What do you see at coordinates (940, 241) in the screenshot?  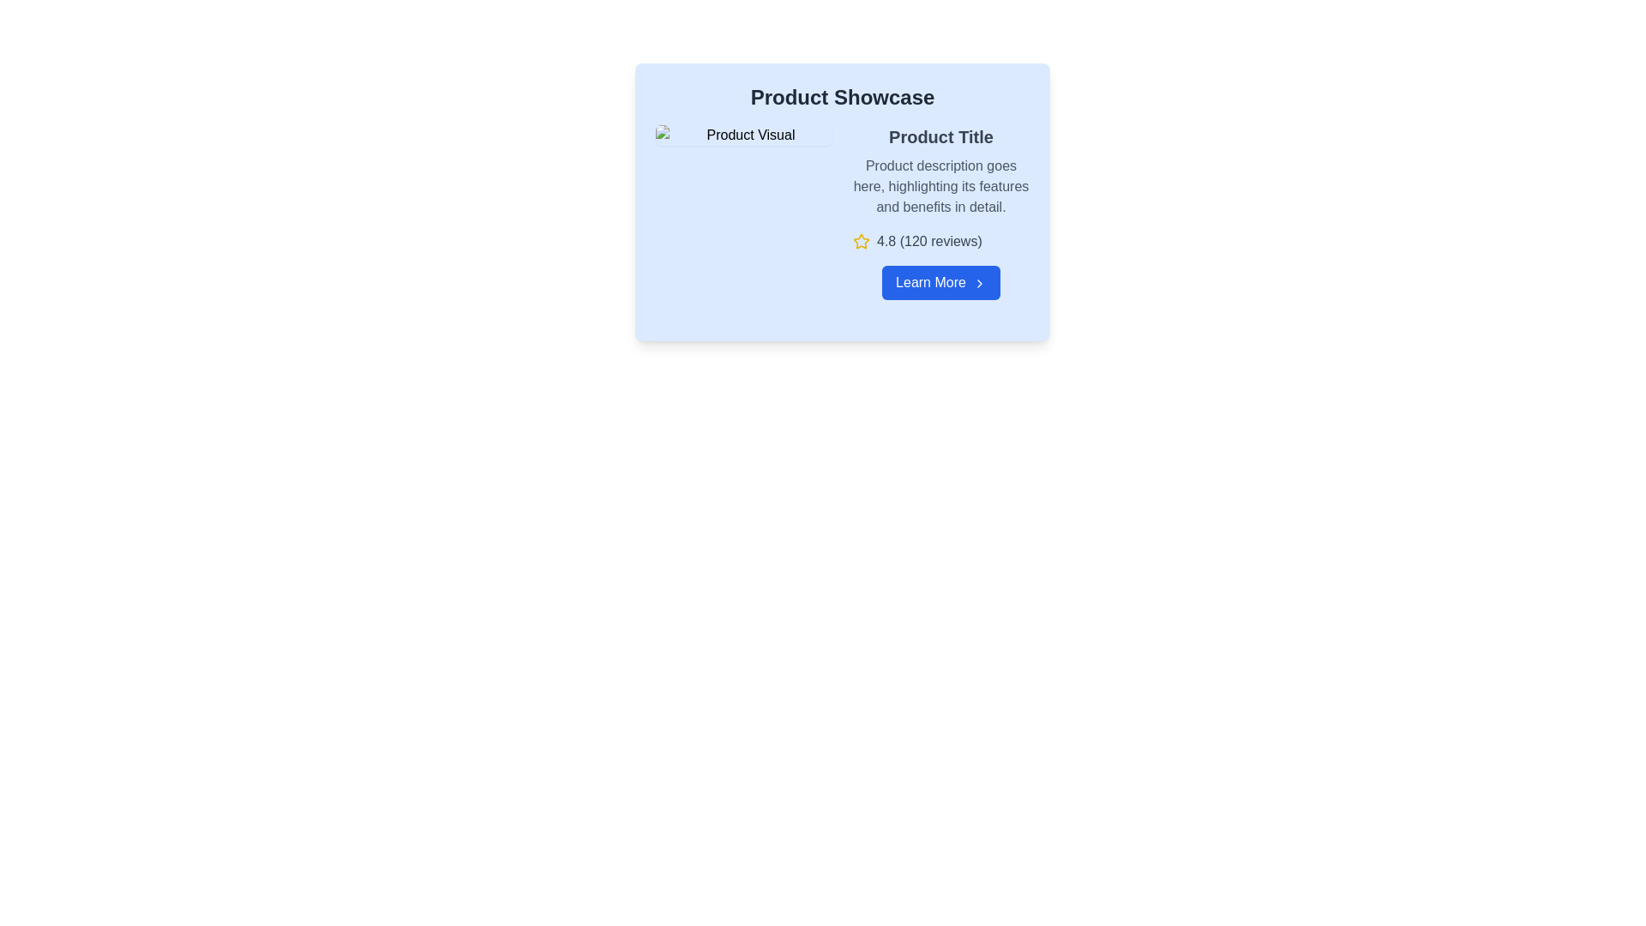 I see `the Rating display element that shows a star icon and the text '4.8 (120 reviews)', located between the product description and the 'Learn More' button` at bounding box center [940, 241].